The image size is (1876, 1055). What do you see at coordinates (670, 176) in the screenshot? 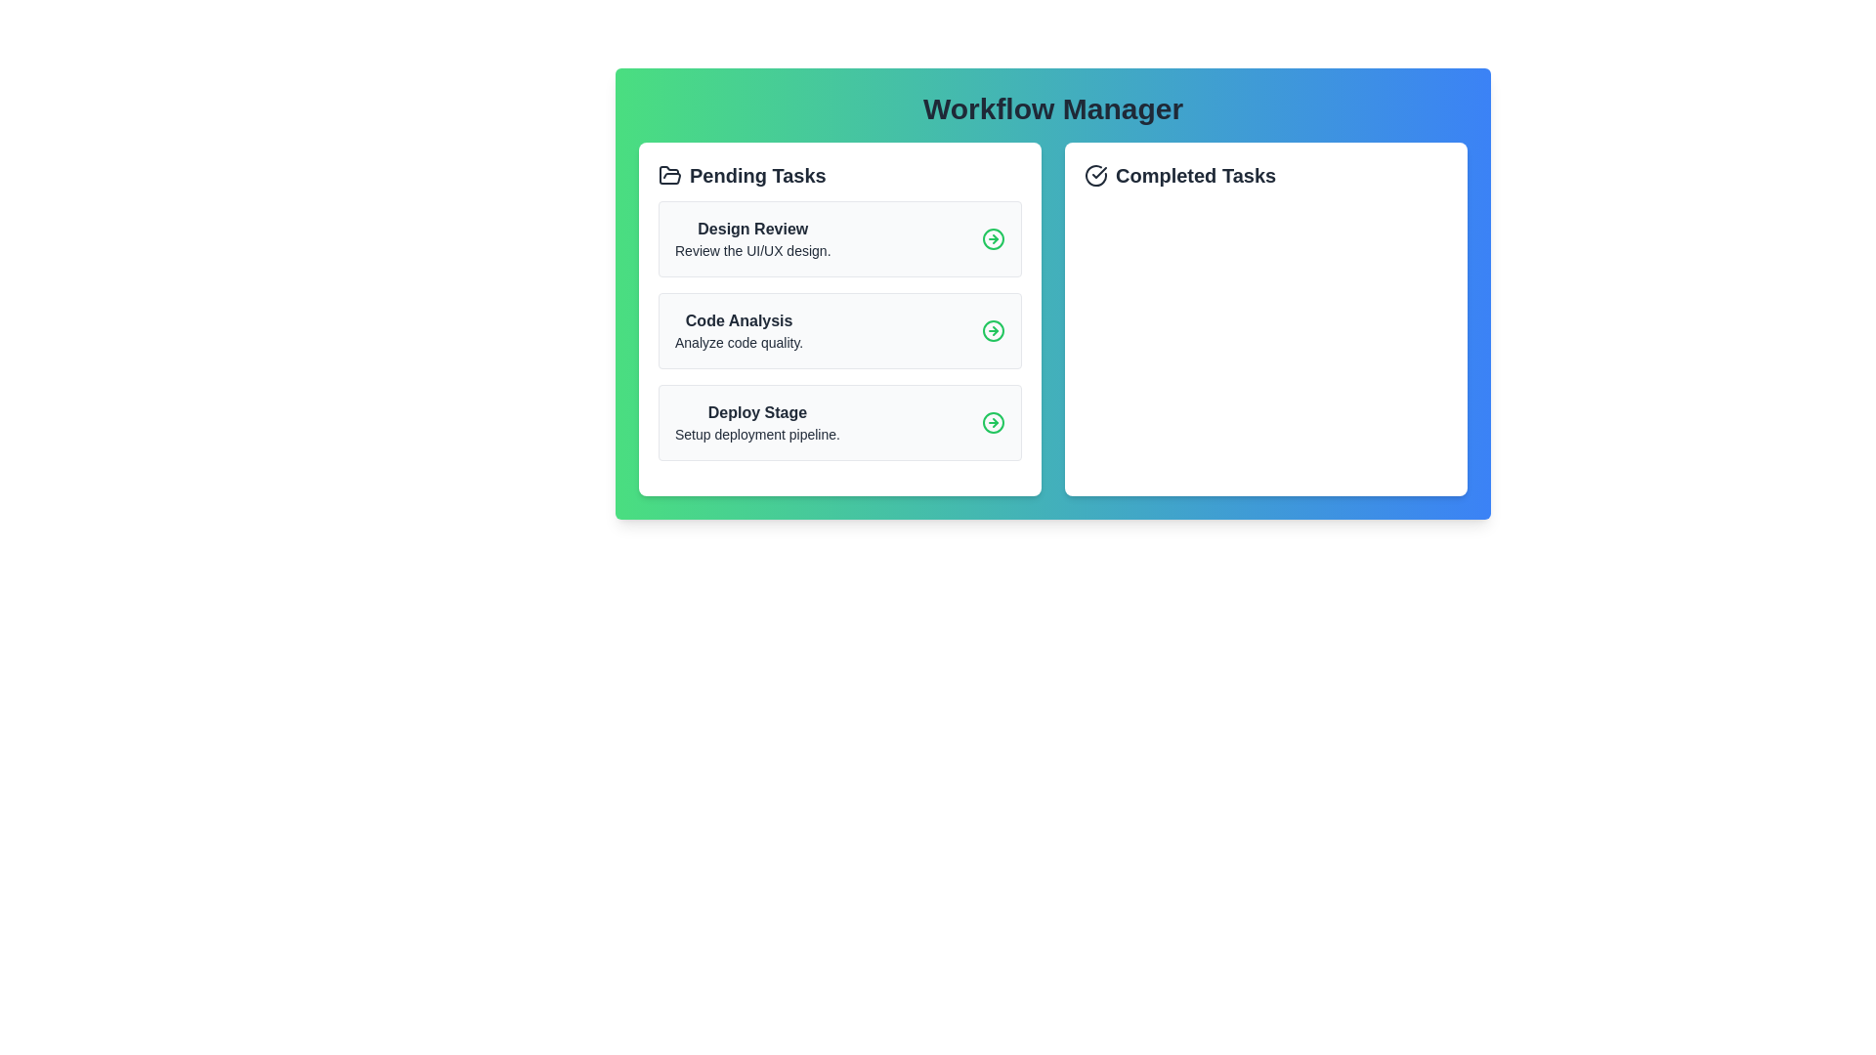
I see `the folder icon styled with an outline in dark color, located next to the heading text 'Pending Tasks' in the top-left area of the interface` at bounding box center [670, 176].